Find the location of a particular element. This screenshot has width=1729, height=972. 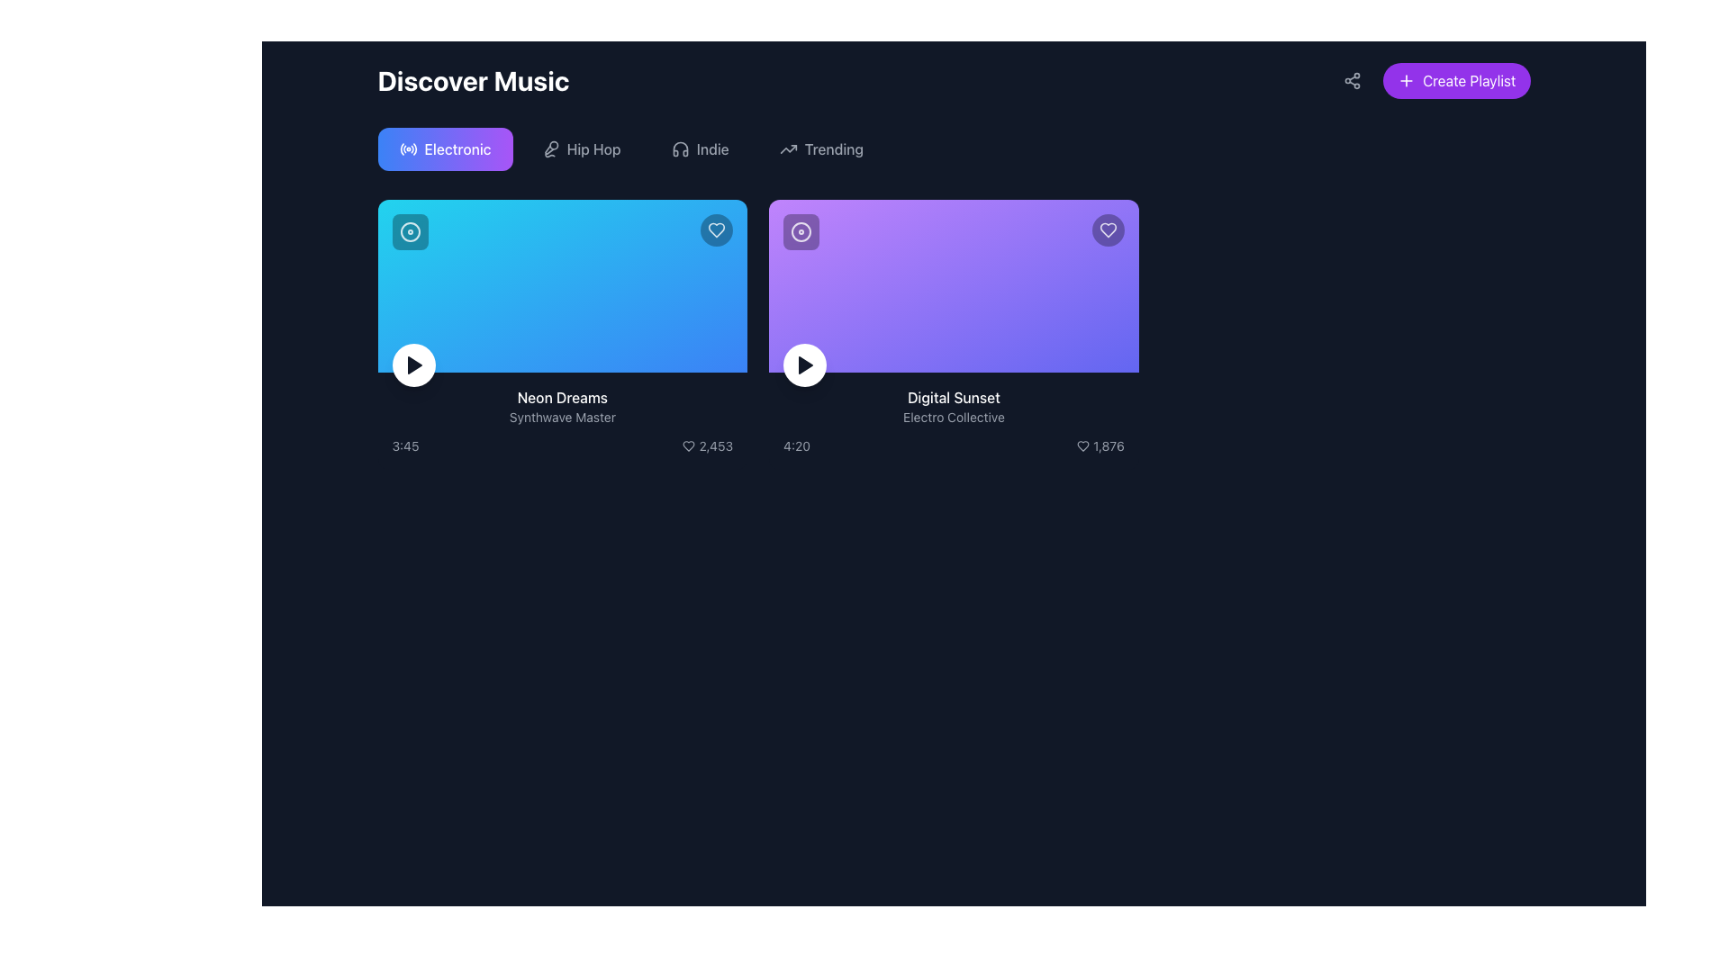

the outer circle of the 'Digital Sunset' multimedia card located in the top left corner of the interface is located at coordinates (801, 231).